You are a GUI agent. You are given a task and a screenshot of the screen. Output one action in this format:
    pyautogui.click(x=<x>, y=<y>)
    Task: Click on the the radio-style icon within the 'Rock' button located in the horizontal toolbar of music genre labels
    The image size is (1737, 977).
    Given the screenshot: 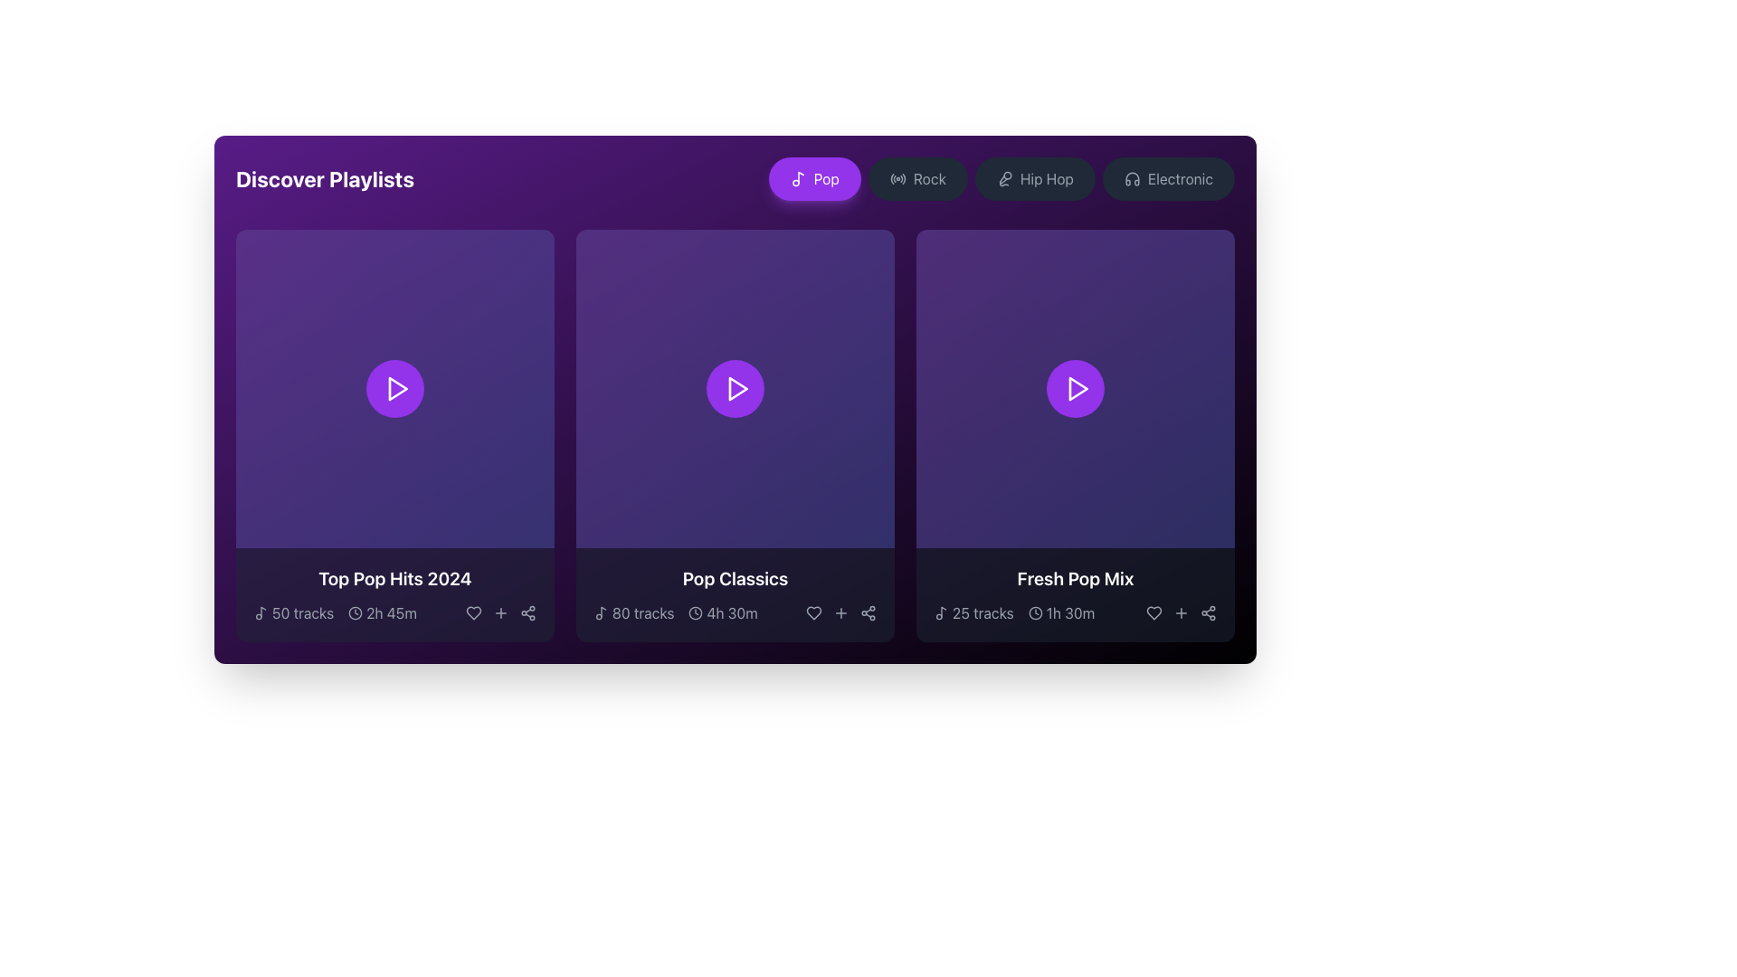 What is the action you would take?
    pyautogui.click(x=897, y=178)
    